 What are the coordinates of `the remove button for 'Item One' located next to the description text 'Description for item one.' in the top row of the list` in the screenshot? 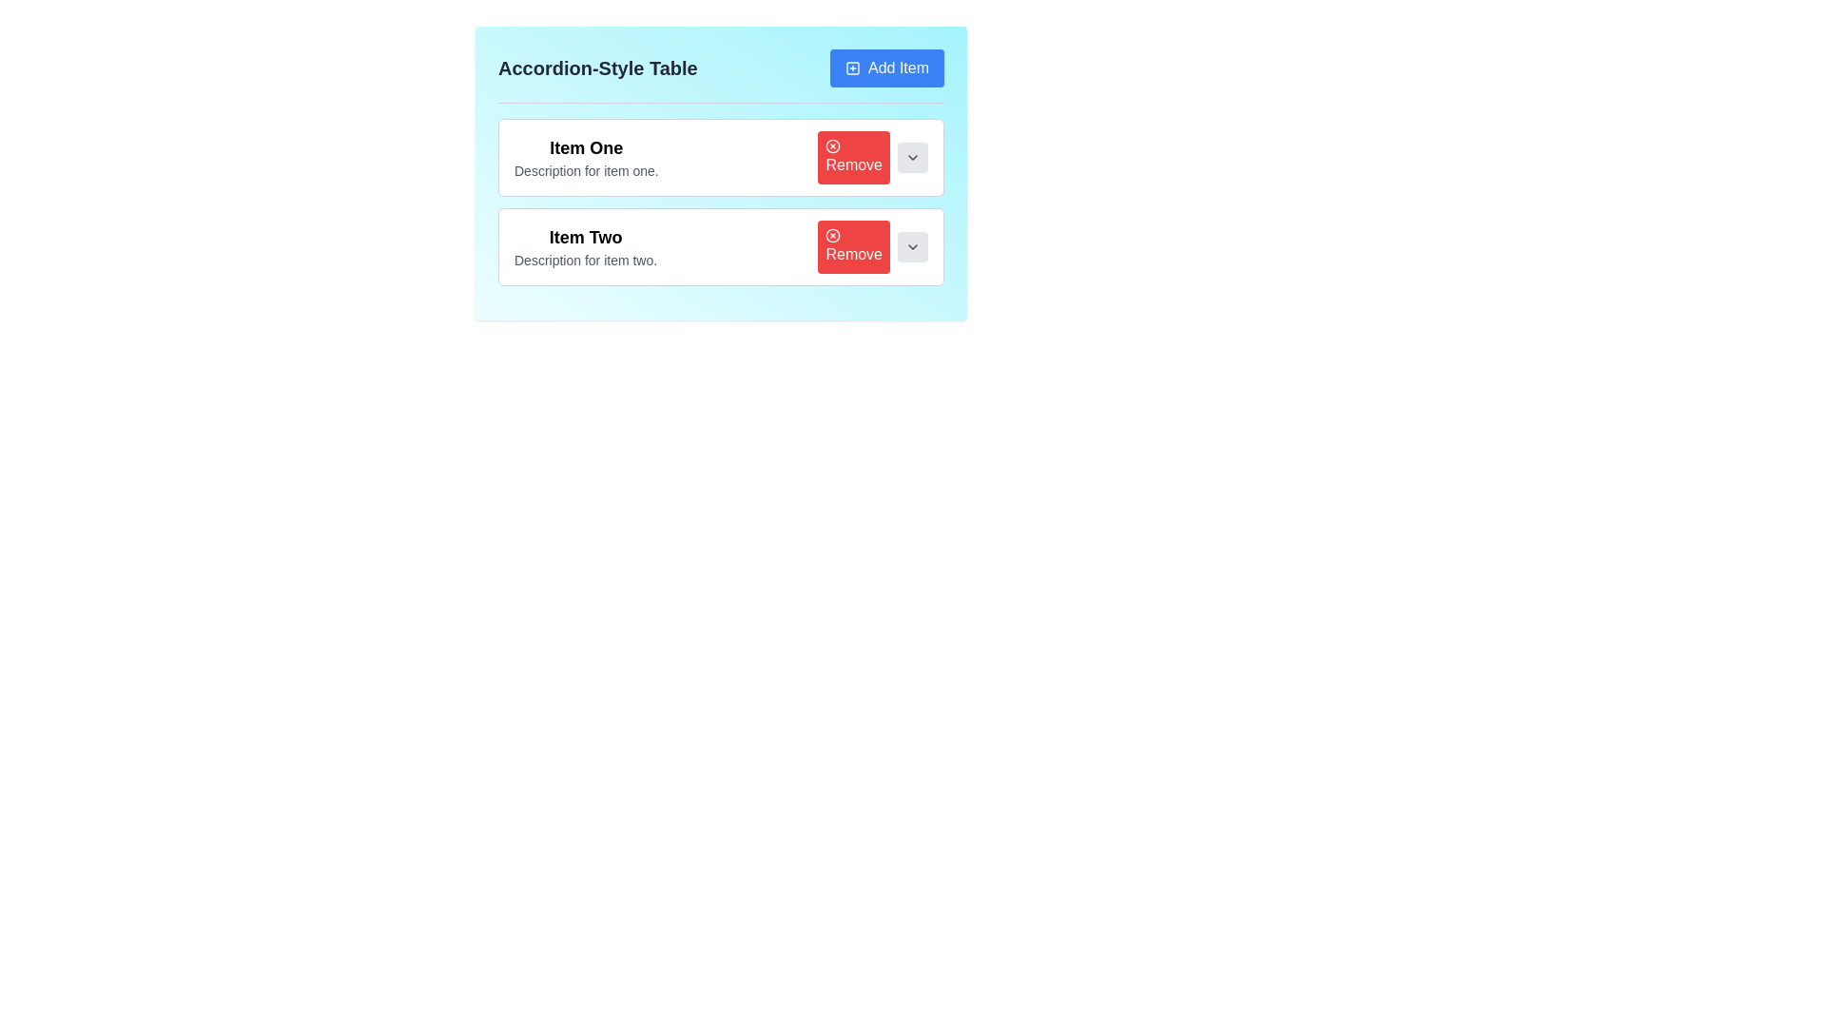 It's located at (872, 156).